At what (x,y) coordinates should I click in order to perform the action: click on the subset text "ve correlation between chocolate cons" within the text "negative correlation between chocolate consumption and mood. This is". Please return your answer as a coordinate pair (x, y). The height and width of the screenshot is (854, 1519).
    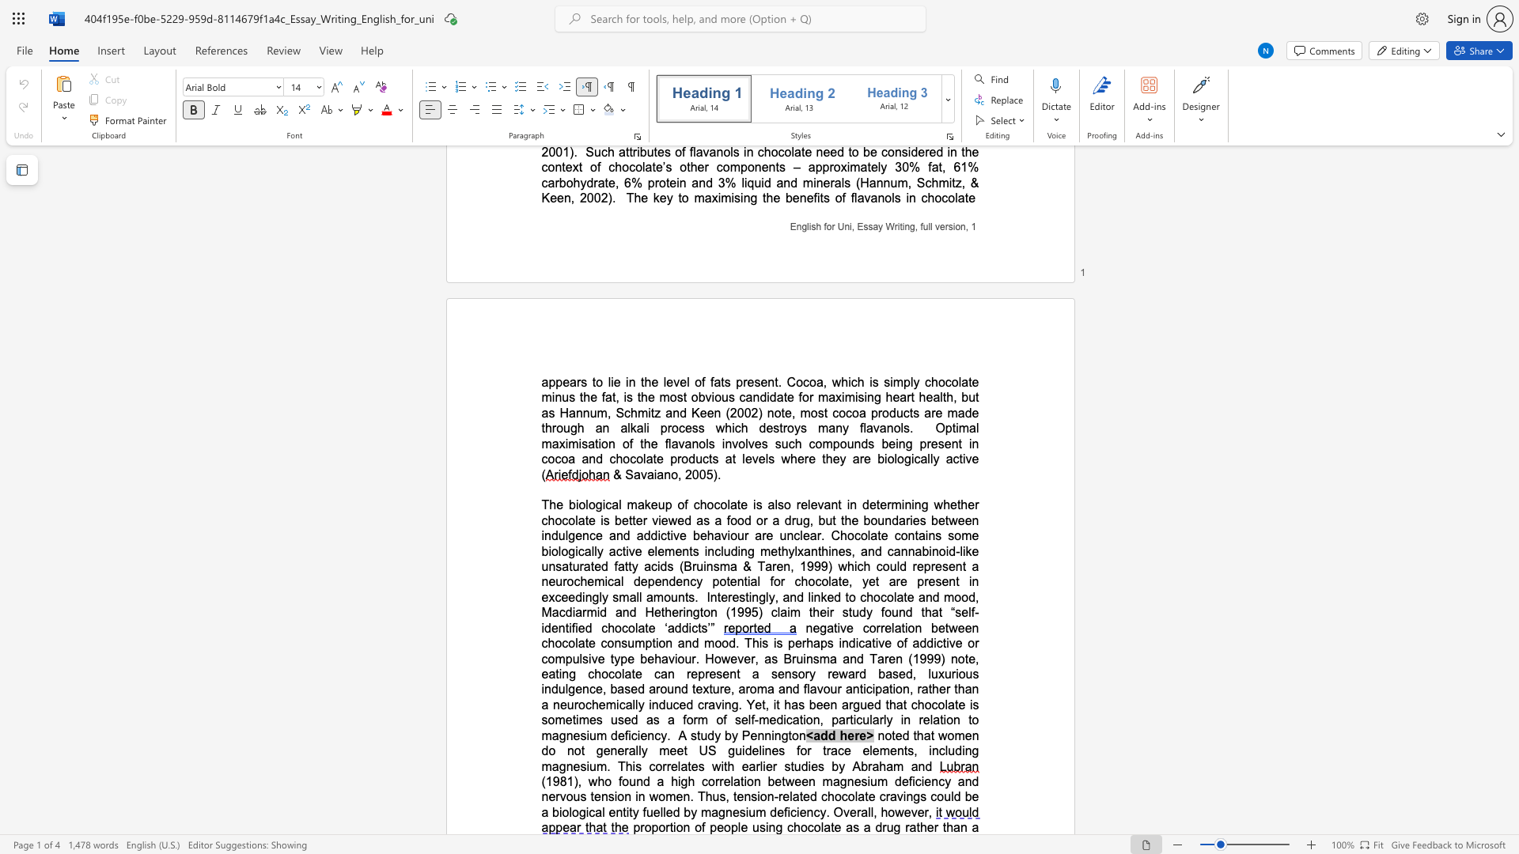
    Looking at the image, I should click on (839, 627).